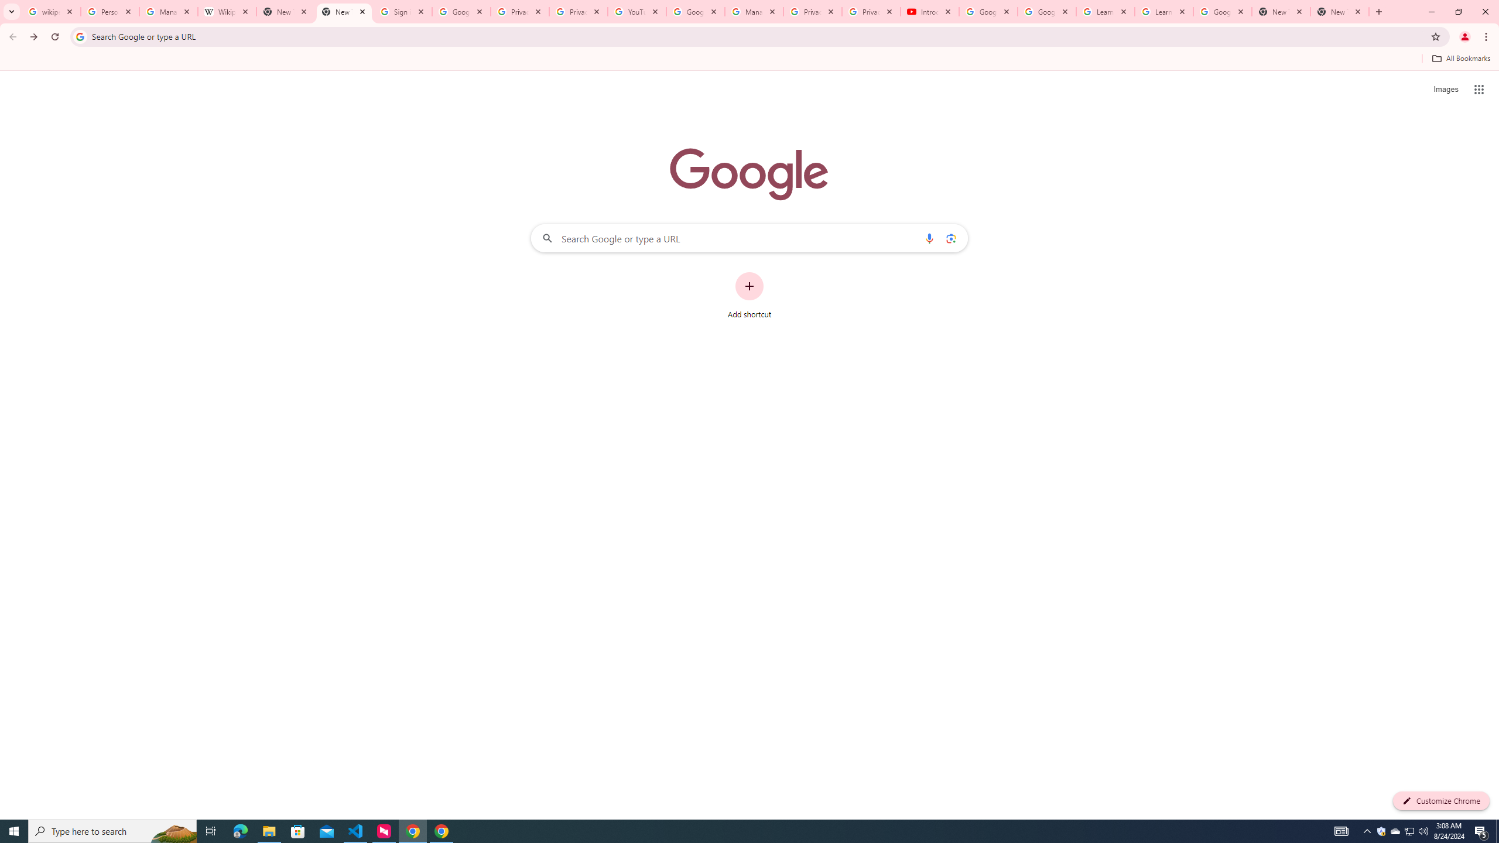 The width and height of the screenshot is (1499, 843). What do you see at coordinates (749, 237) in the screenshot?
I see `'Search Google or type a URL'` at bounding box center [749, 237].